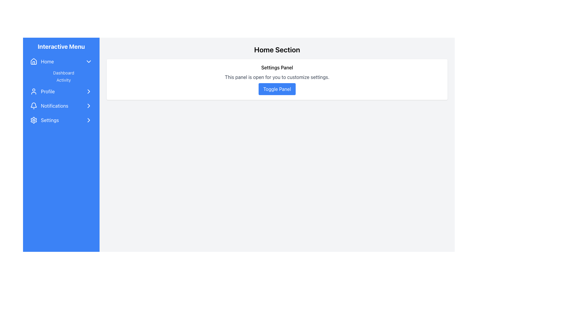 The image size is (574, 323). I want to click on the expansion icon located to the right of the 'Settings' menu item in the vertical navigation menu, so click(88, 120).